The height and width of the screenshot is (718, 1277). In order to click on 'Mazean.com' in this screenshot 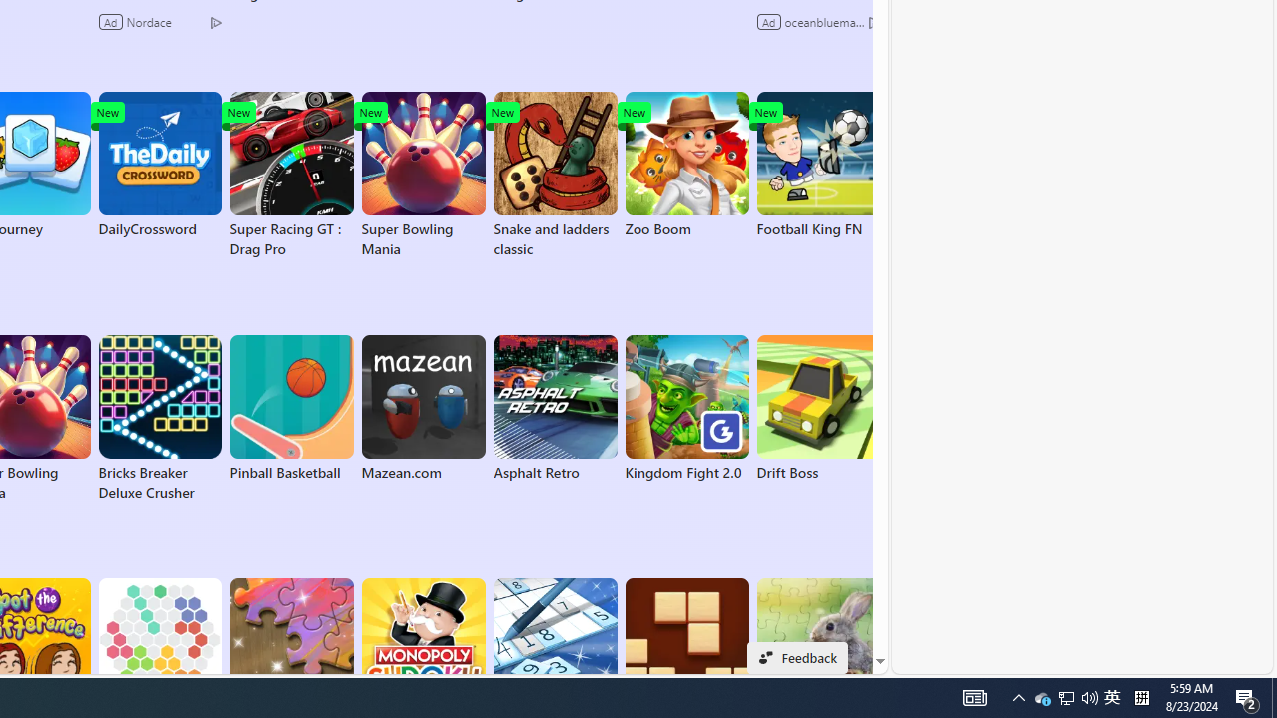, I will do `click(422, 408)`.